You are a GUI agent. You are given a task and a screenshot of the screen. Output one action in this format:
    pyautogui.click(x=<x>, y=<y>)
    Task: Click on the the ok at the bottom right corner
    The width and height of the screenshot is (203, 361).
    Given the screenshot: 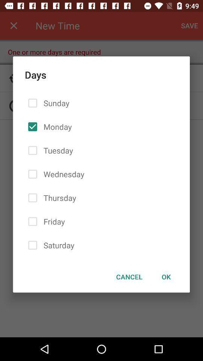 What is the action you would take?
    pyautogui.click(x=166, y=276)
    